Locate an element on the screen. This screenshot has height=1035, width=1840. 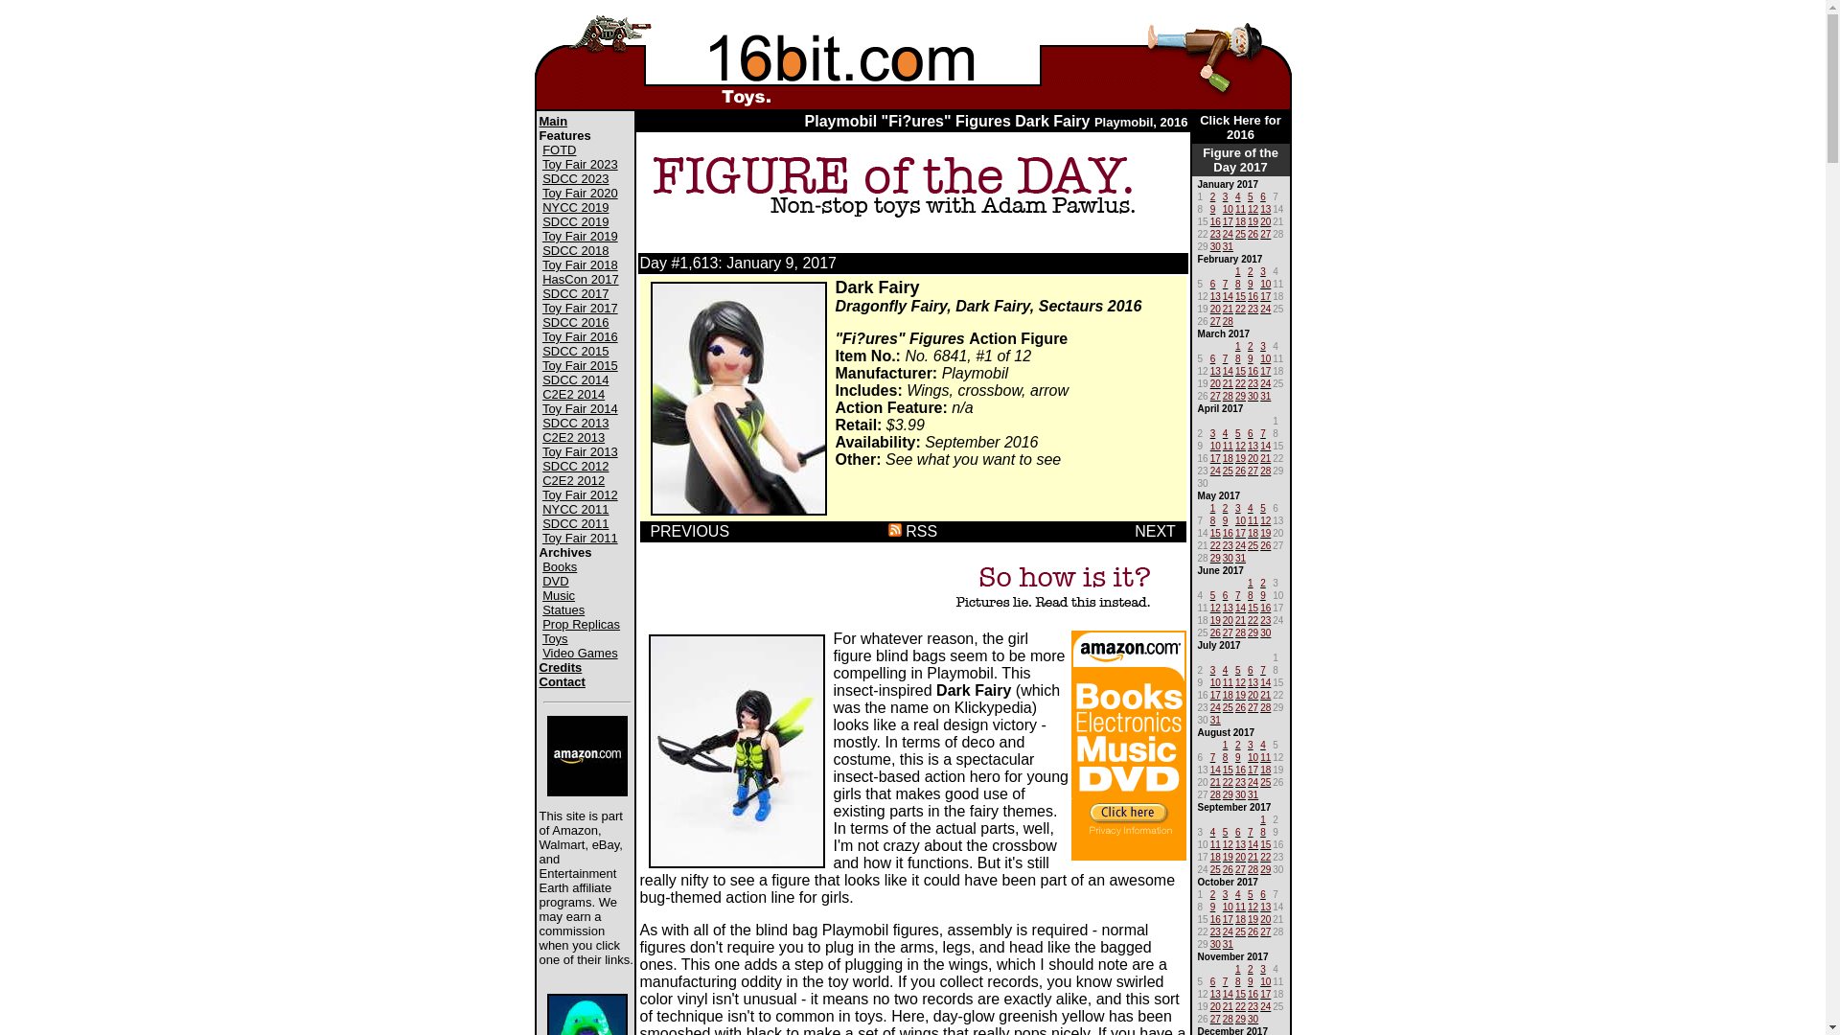
'3' is located at coordinates (1260, 269).